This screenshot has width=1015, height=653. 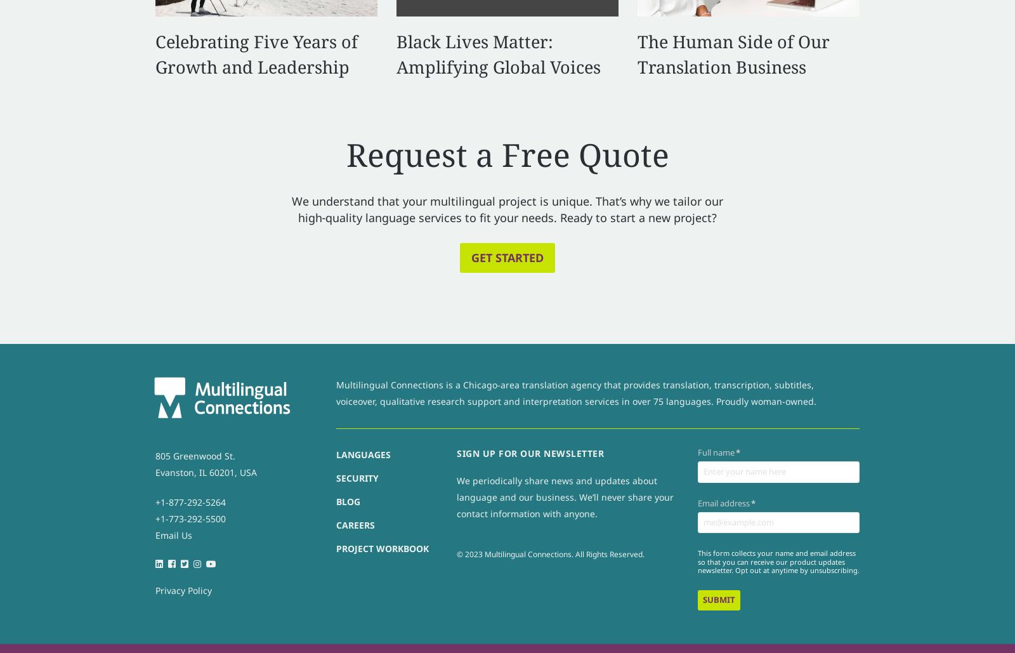 I want to click on 'Evanston, IL 60201, USA', so click(x=206, y=472).